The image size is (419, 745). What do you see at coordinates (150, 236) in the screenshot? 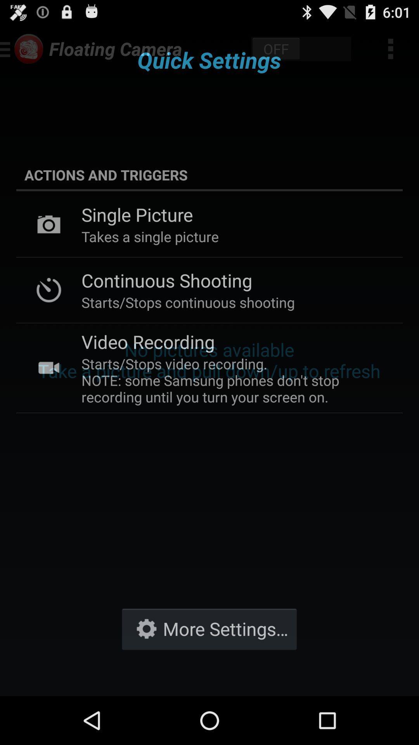
I see `item below single picture icon` at bounding box center [150, 236].